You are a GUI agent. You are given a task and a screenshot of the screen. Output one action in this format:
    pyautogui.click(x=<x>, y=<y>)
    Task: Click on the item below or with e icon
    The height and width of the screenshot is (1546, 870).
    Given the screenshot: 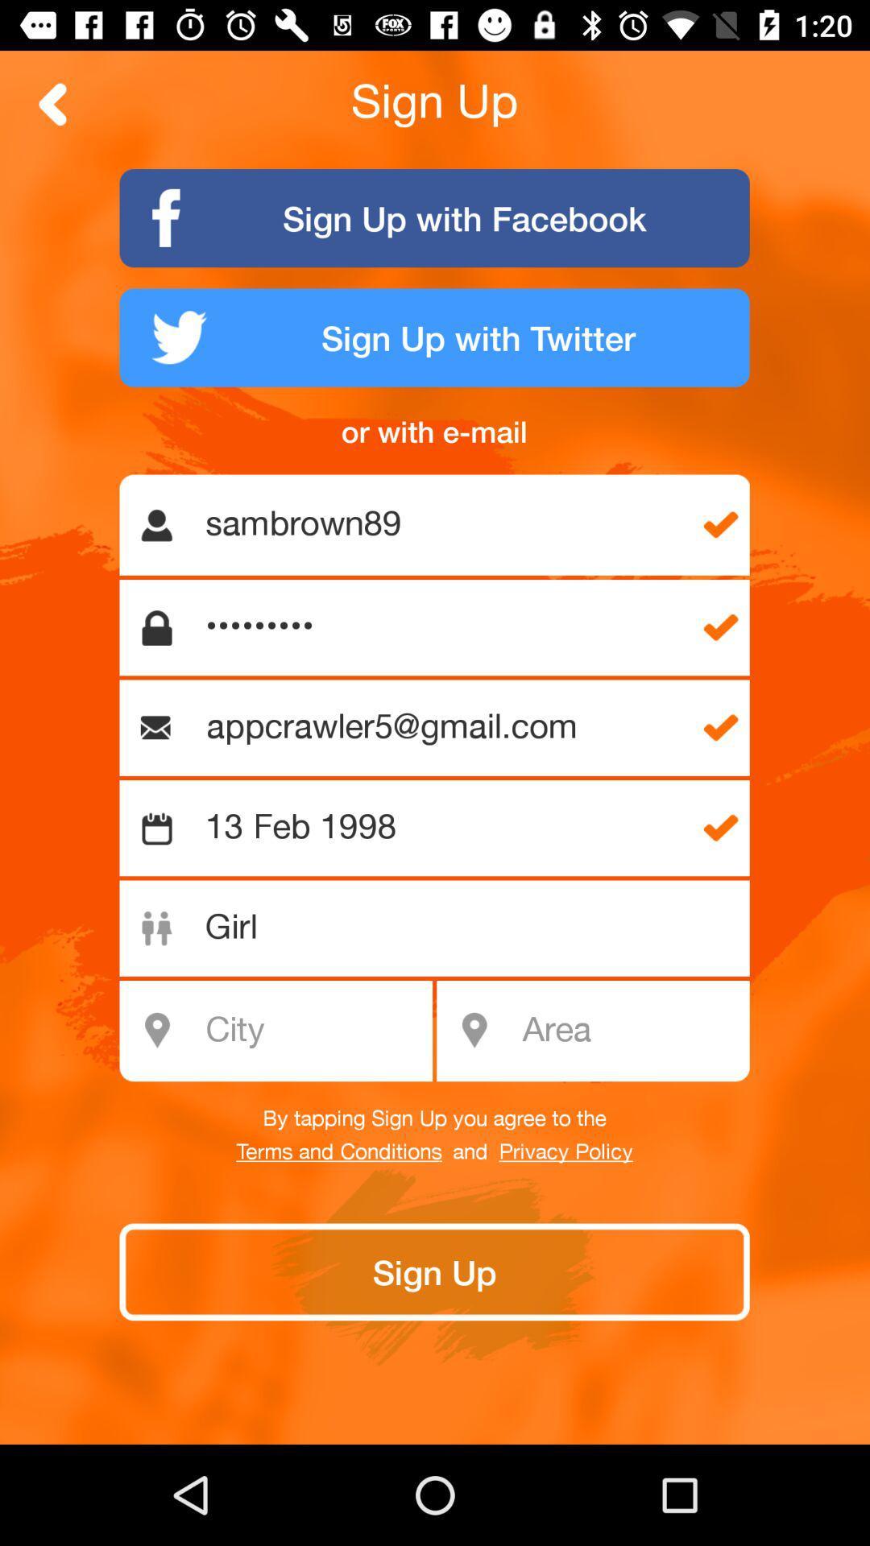 What is the action you would take?
    pyautogui.click(x=443, y=525)
    